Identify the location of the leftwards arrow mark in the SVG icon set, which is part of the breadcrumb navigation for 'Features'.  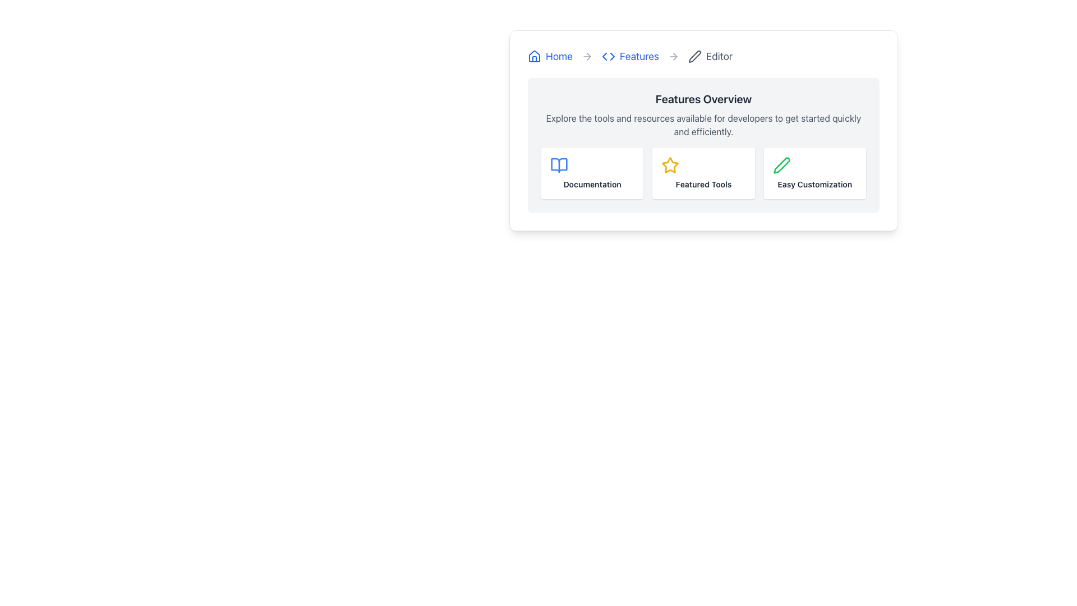
(604, 56).